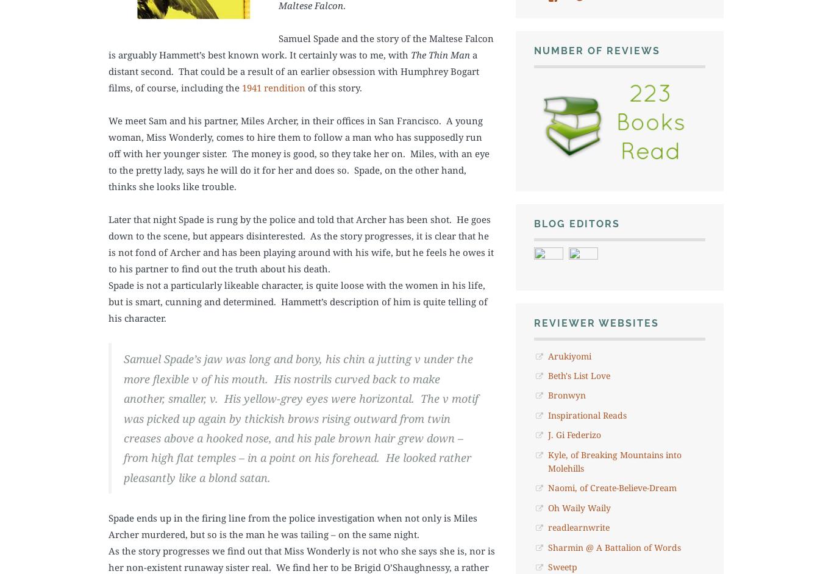 This screenshot has height=574, width=823. I want to click on 'Blog Editors', so click(575, 223).